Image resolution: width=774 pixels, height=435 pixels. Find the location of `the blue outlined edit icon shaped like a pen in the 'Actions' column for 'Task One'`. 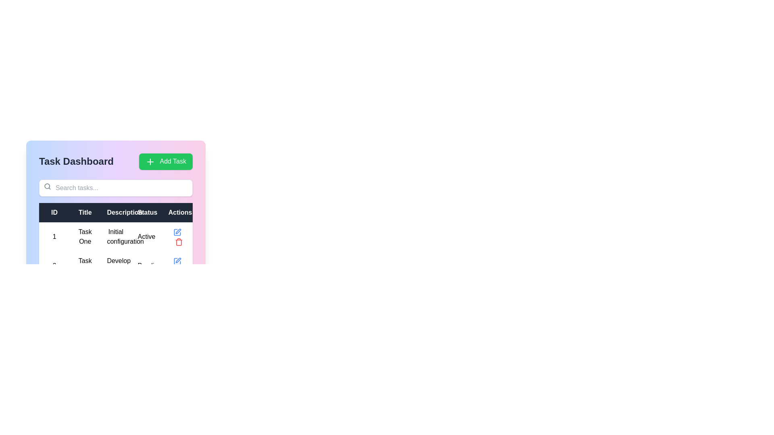

the blue outlined edit icon shaped like a pen in the 'Actions' column for 'Task One' is located at coordinates (177, 232).